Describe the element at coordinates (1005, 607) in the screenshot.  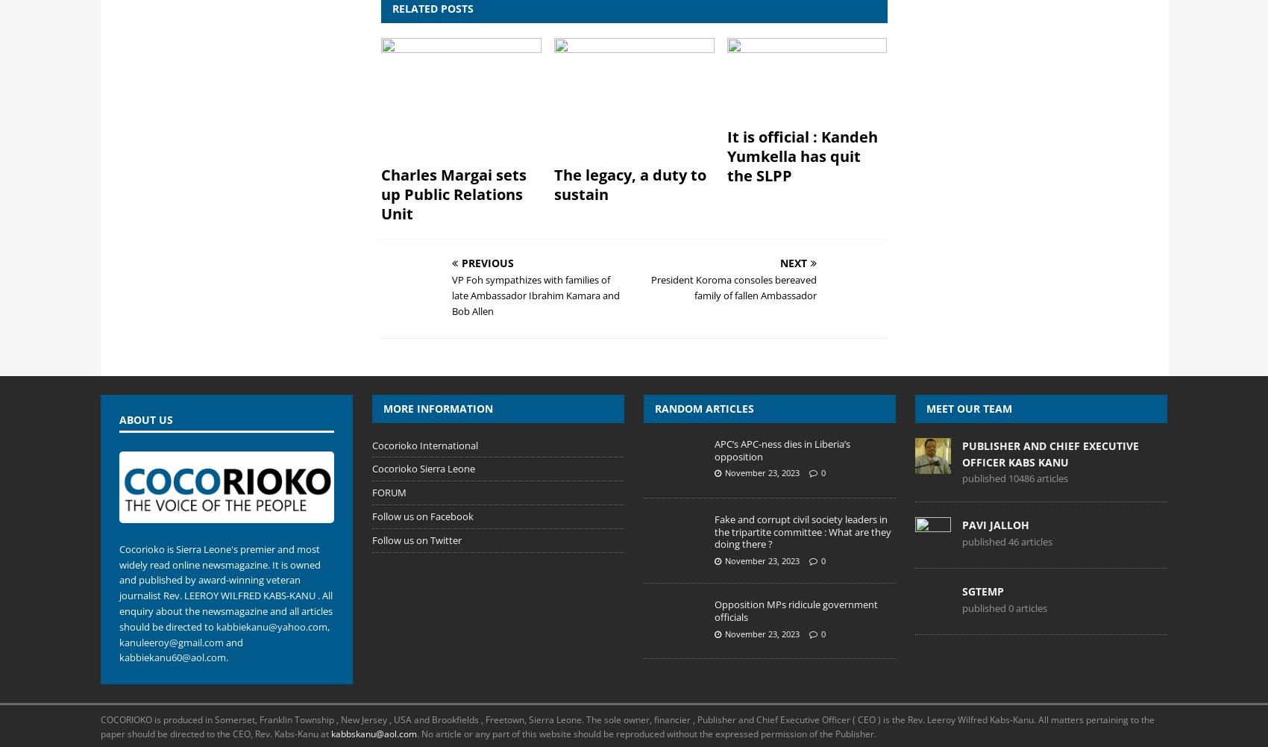
I see `'published 0 articles'` at that location.